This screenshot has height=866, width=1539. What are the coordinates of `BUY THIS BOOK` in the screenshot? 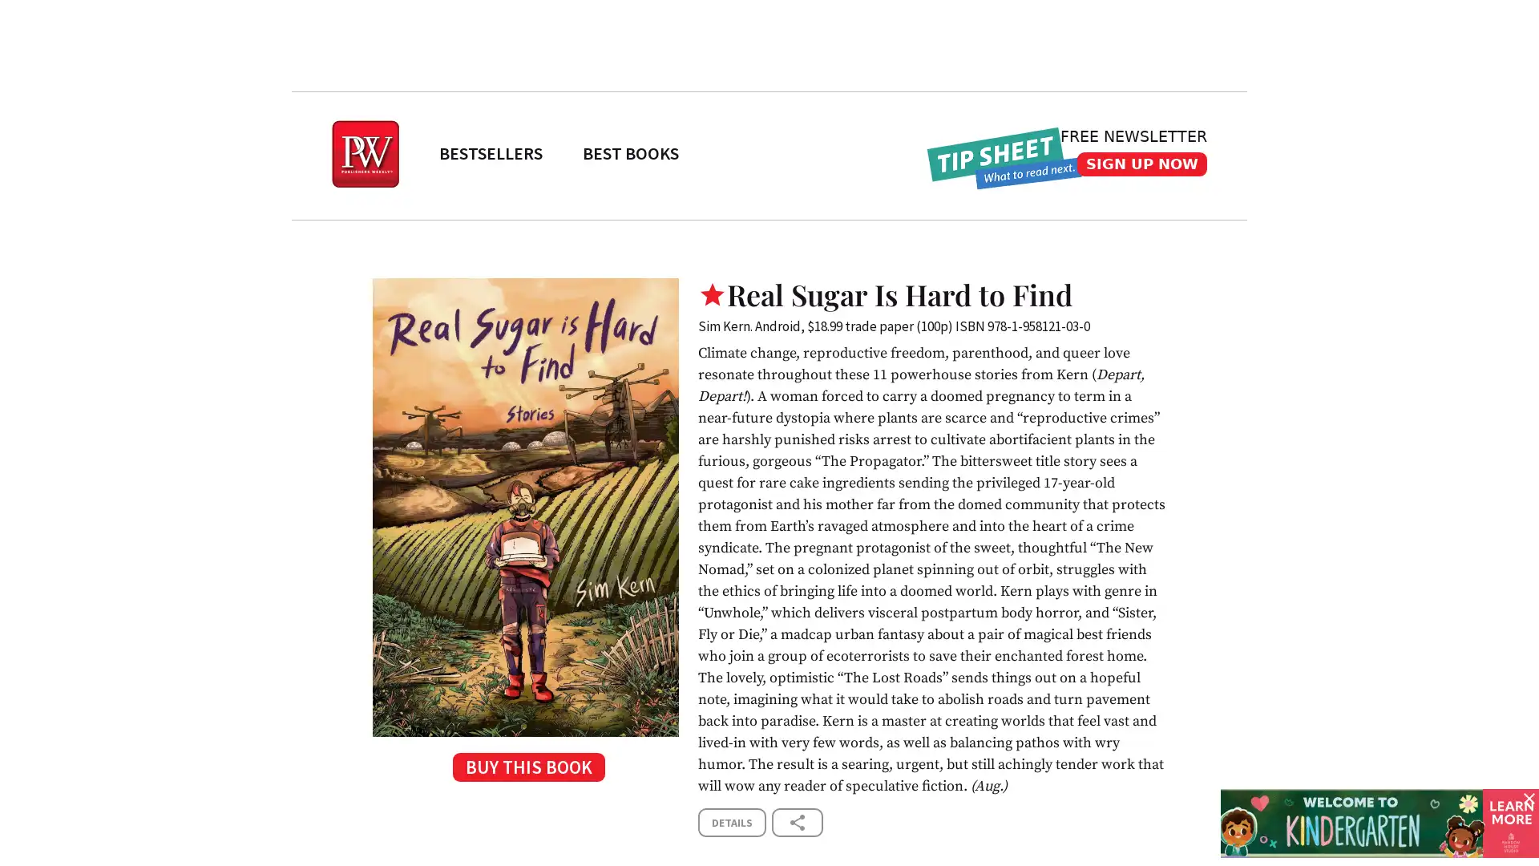 It's located at (525, 771).